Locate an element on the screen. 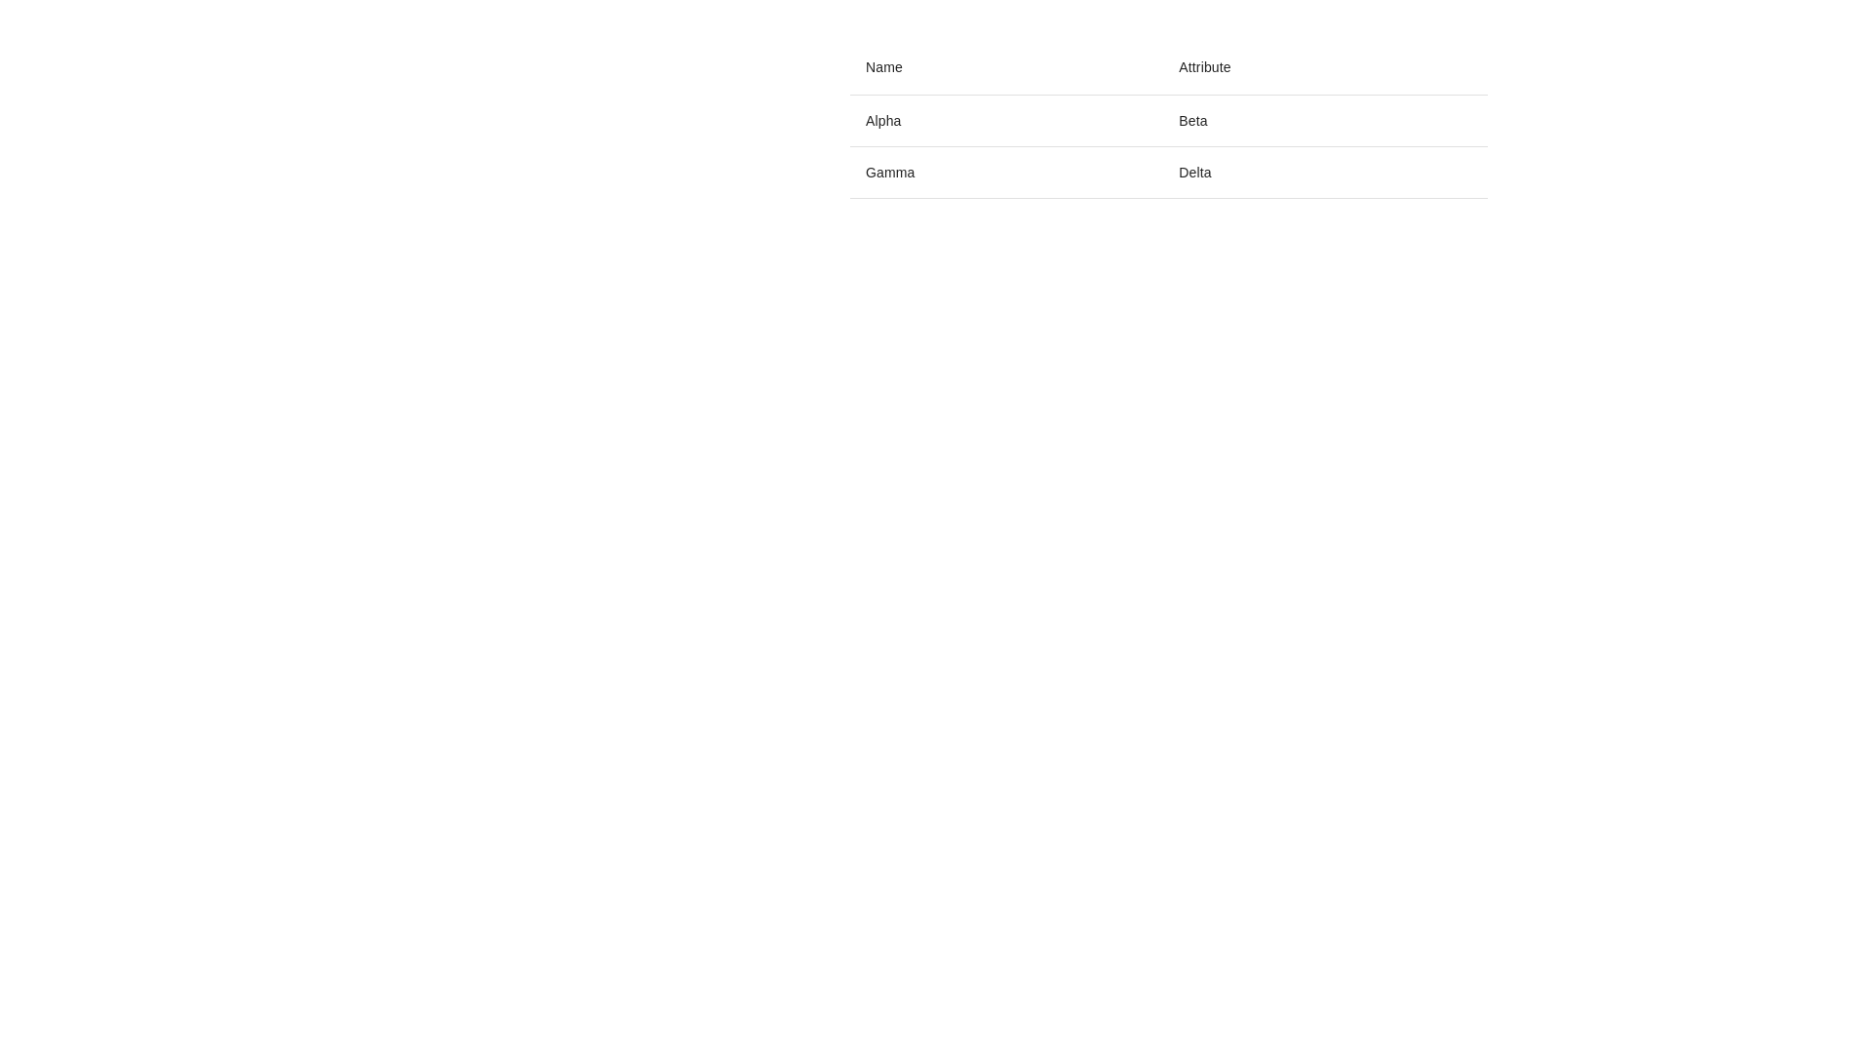  the table cell displaying 'Beta' in bold, sans-serif font, located in the 'Attribute' column next to the 'Alpha' cell is located at coordinates (1325, 120).